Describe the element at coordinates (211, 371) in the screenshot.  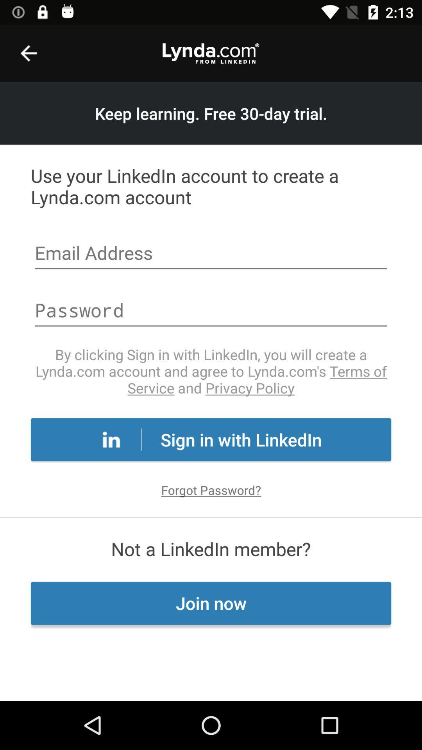
I see `by clicking sign icon` at that location.